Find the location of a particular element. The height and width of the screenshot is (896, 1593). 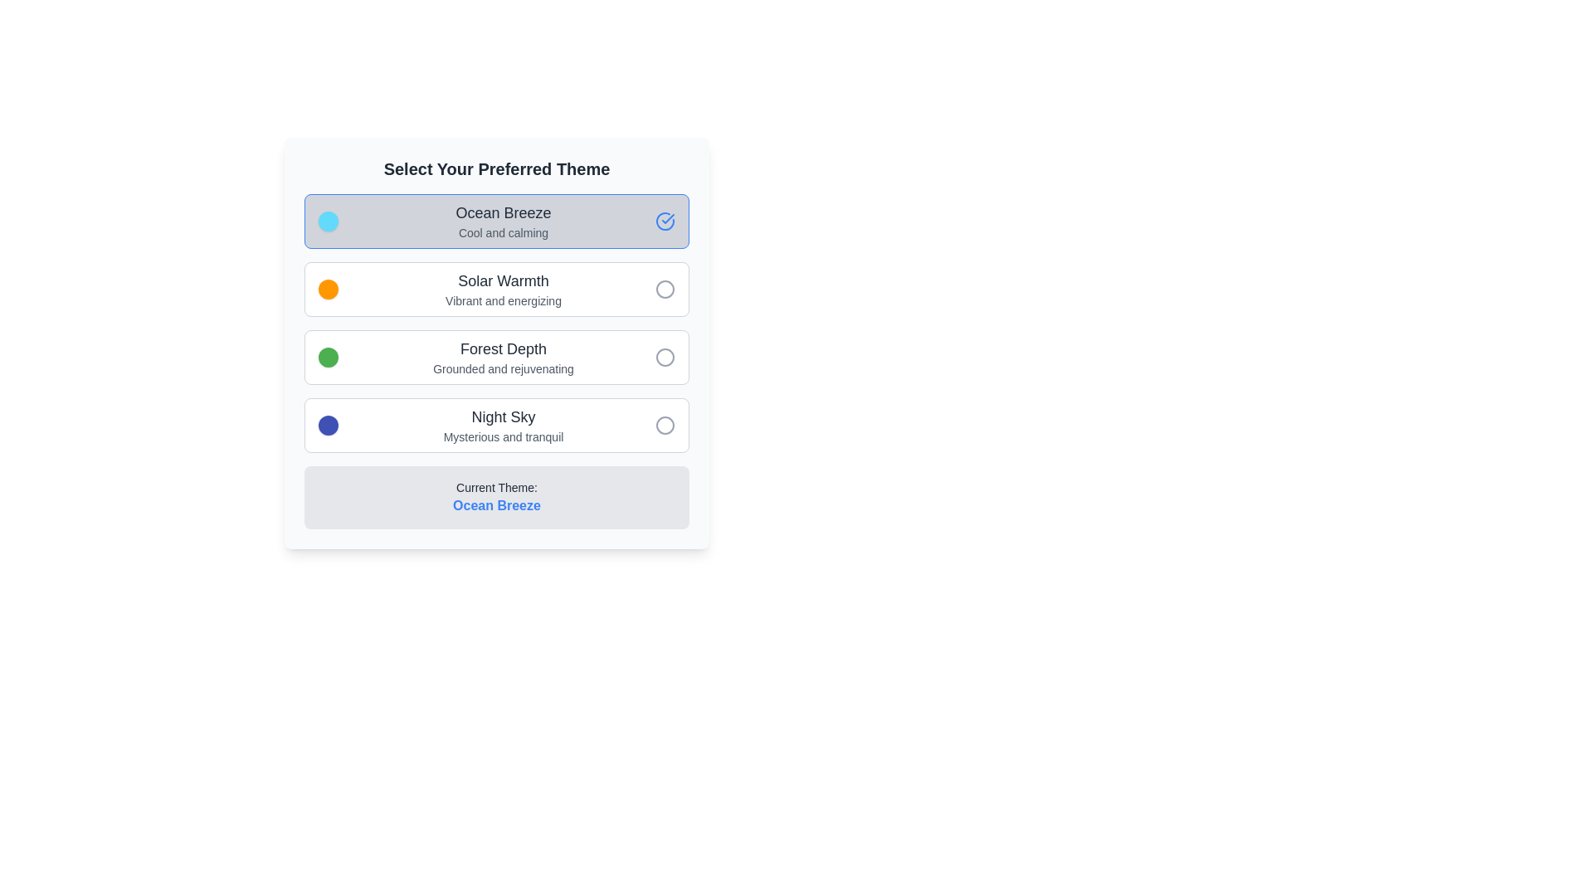

the text label reading 'Solar Warmth', which is styled with a larger and bolder font, positioned above 'Vibrant and energizing' is located at coordinates (502, 280).